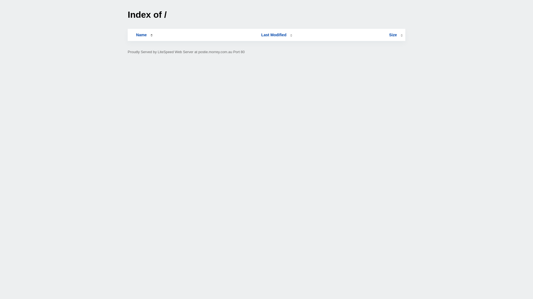  I want to click on 'Size', so click(396, 35).